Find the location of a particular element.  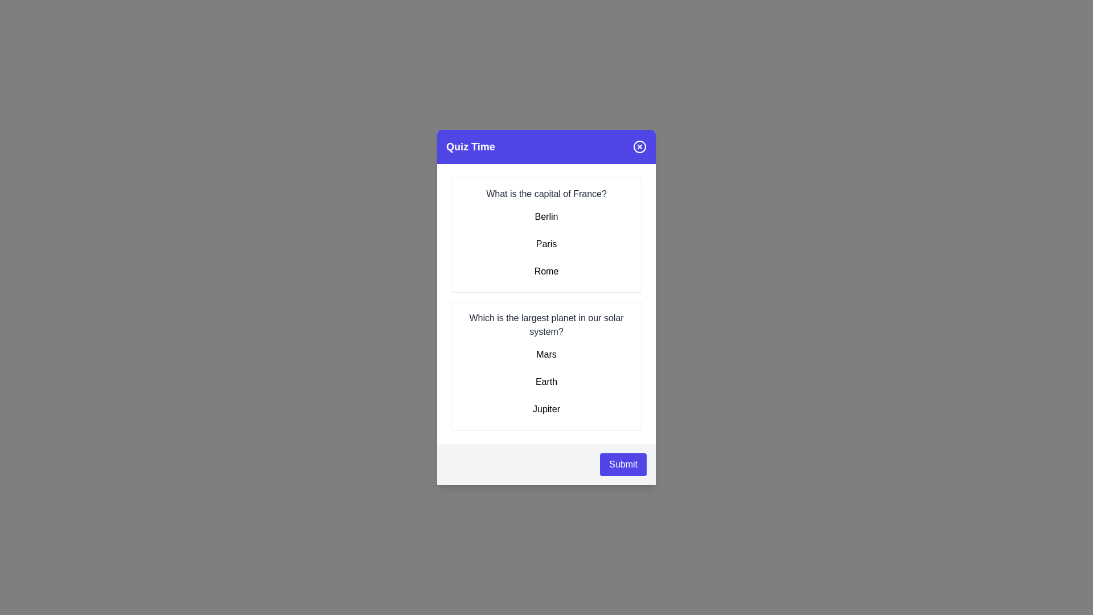

the 'Submit' button to submit the quiz is located at coordinates (622, 465).